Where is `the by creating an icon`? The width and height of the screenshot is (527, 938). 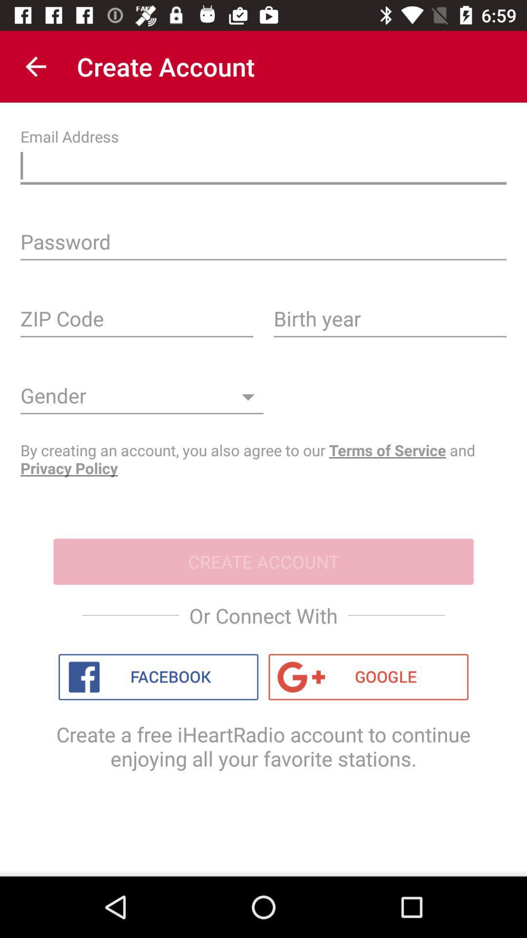 the by creating an icon is located at coordinates (263, 458).